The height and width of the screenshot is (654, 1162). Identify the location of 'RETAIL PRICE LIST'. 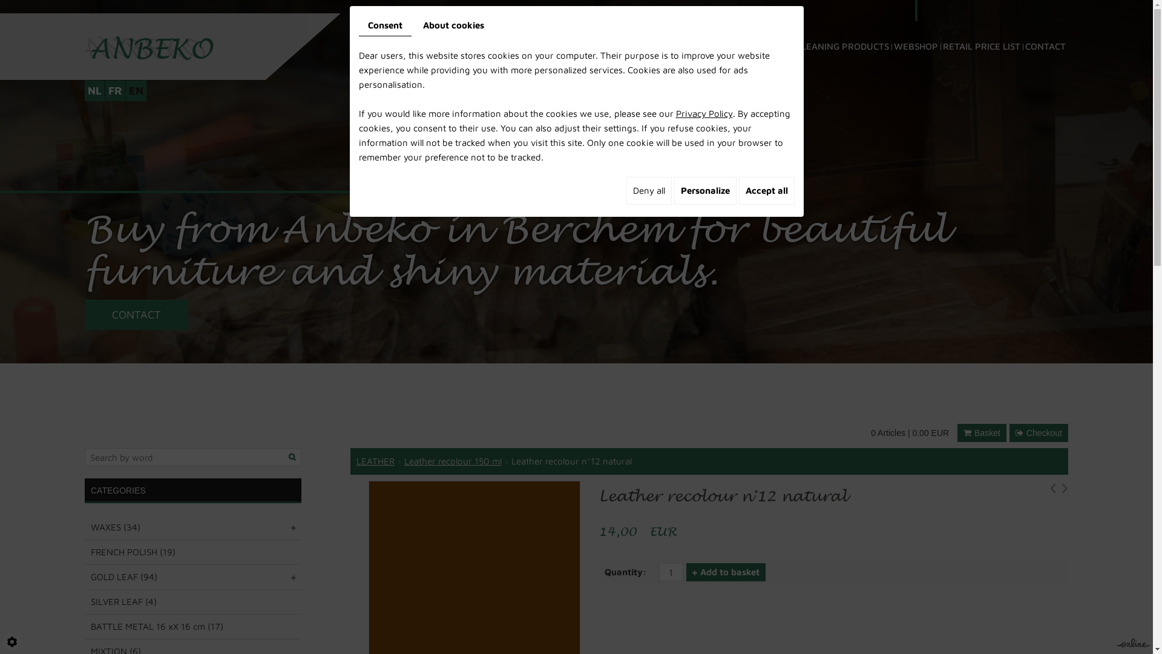
(940, 29).